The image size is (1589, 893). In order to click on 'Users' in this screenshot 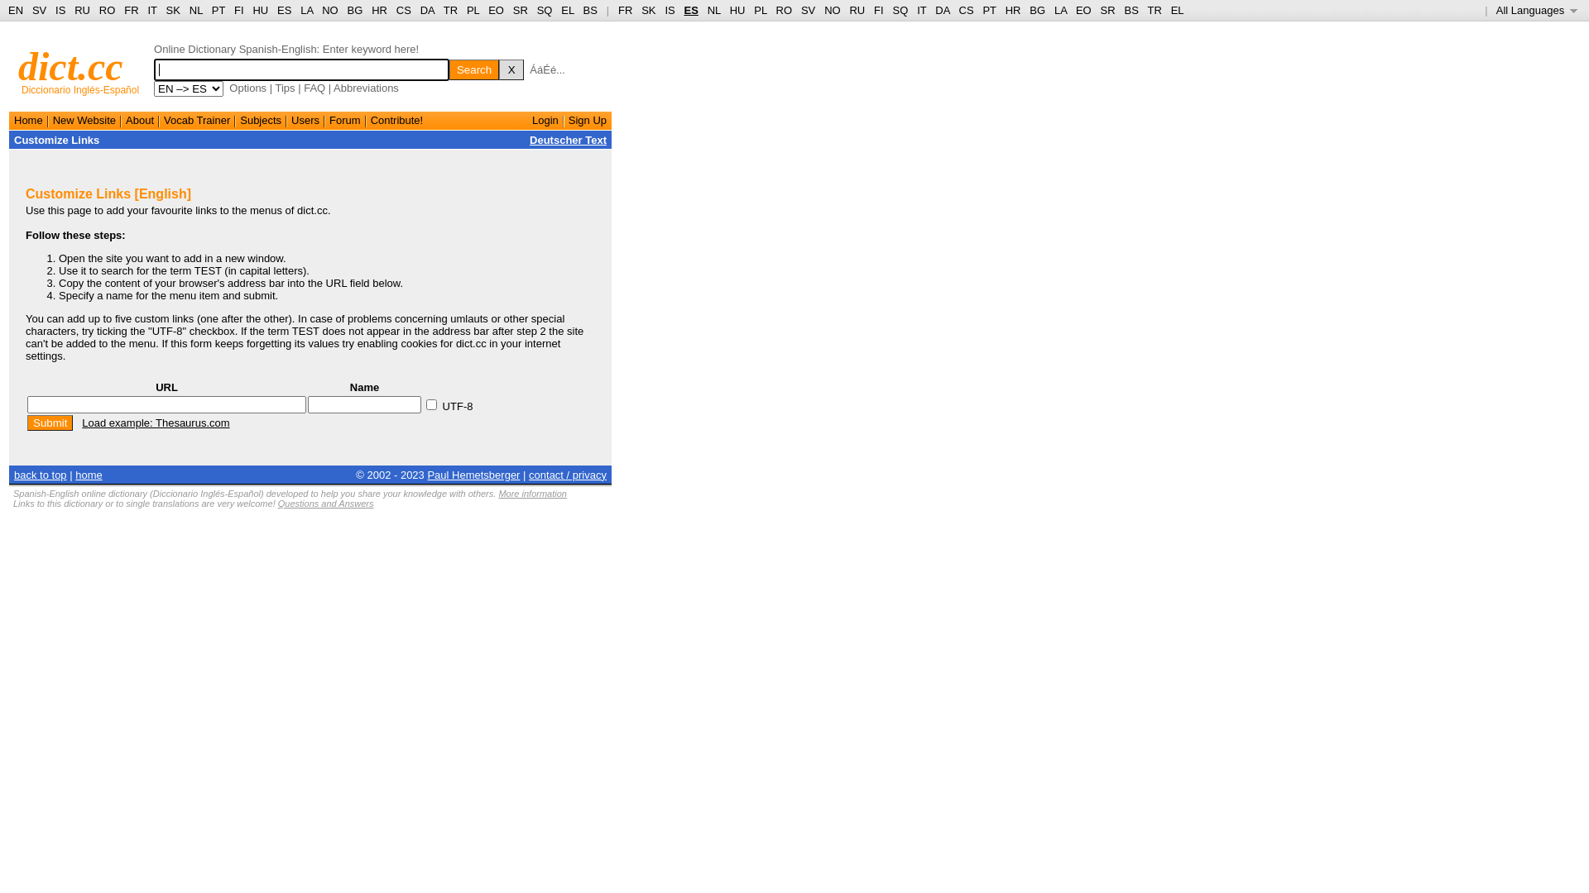, I will do `click(290, 119)`.